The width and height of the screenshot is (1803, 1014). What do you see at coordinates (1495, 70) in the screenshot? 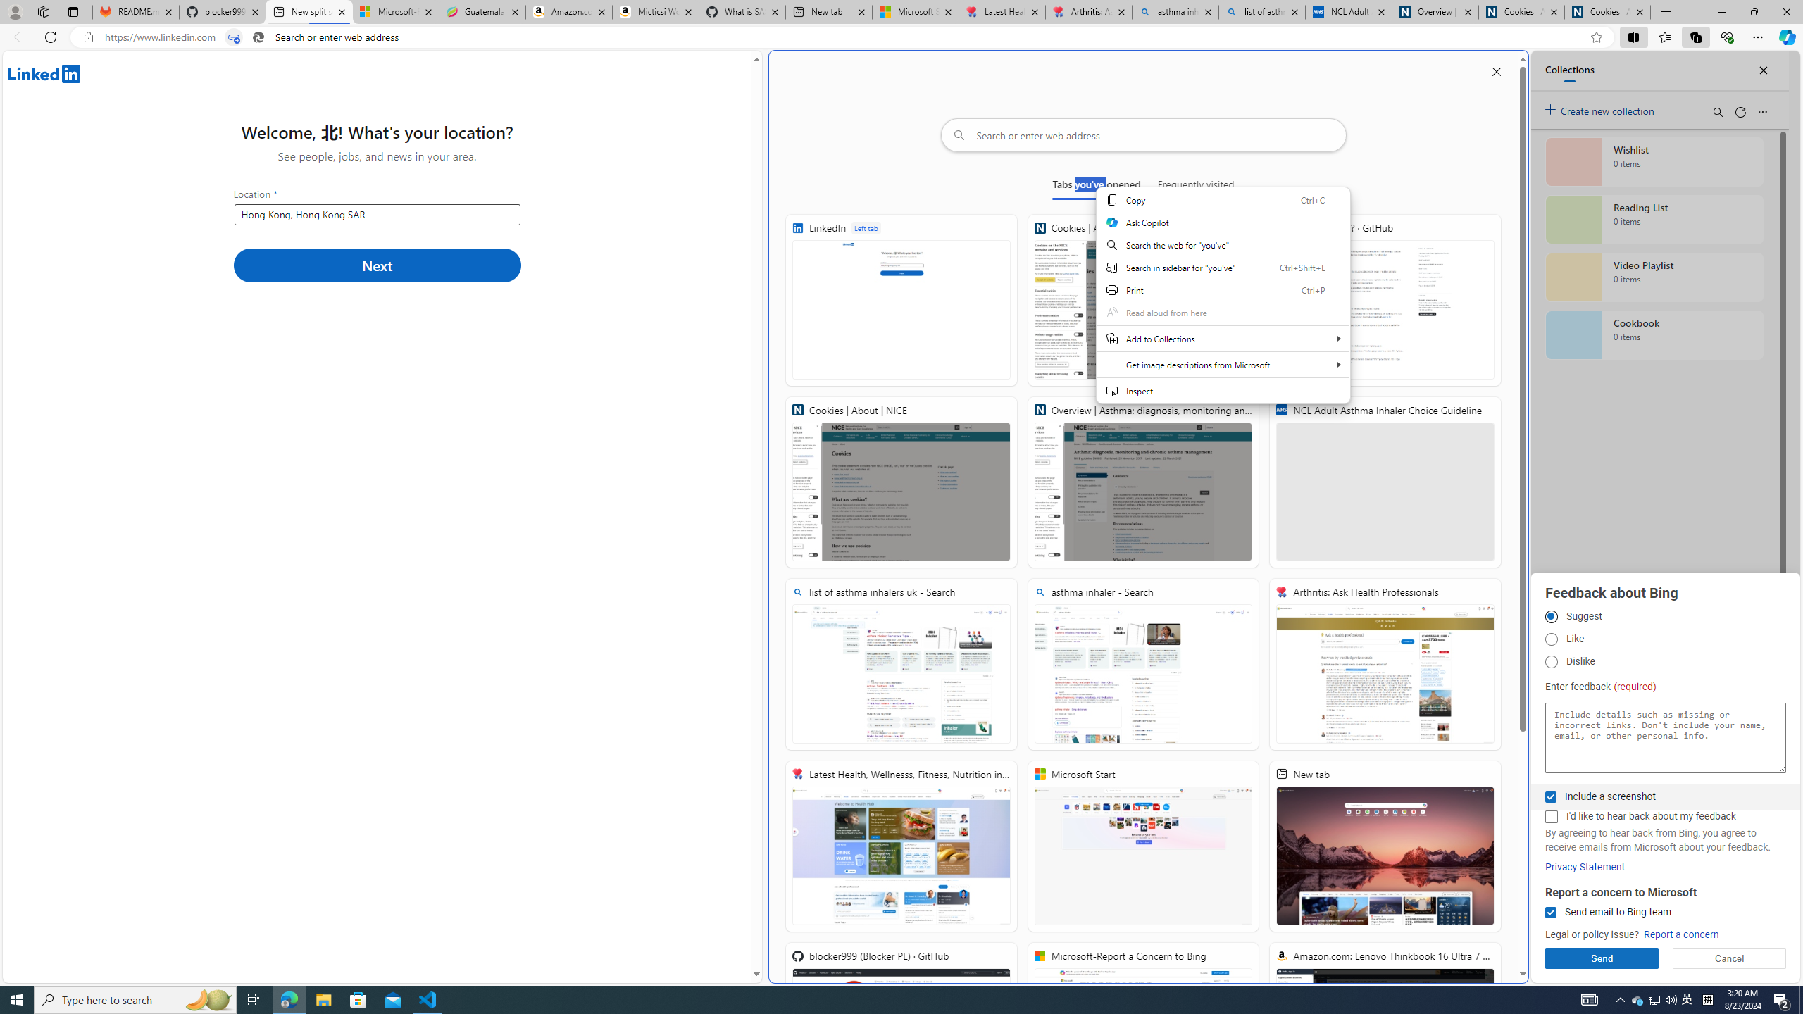
I see `'Close split screen'` at bounding box center [1495, 70].